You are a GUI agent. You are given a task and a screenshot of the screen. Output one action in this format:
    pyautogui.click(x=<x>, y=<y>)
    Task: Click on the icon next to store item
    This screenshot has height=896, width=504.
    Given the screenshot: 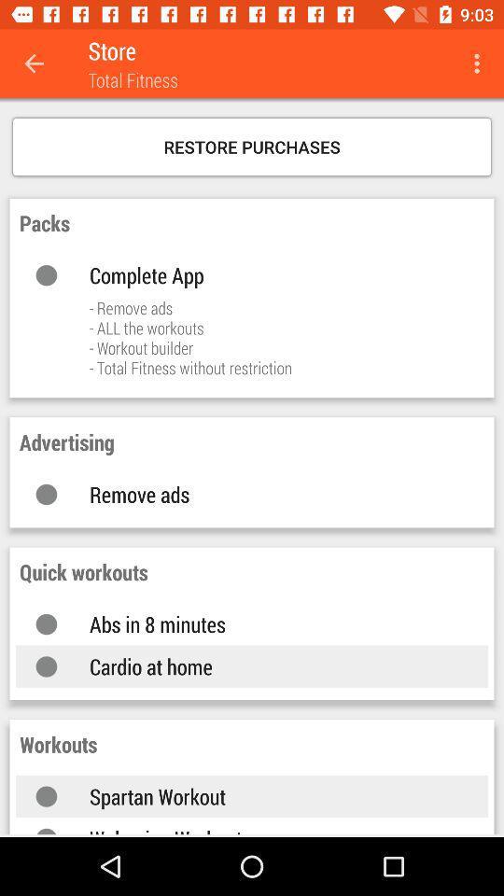 What is the action you would take?
    pyautogui.click(x=34, y=63)
    